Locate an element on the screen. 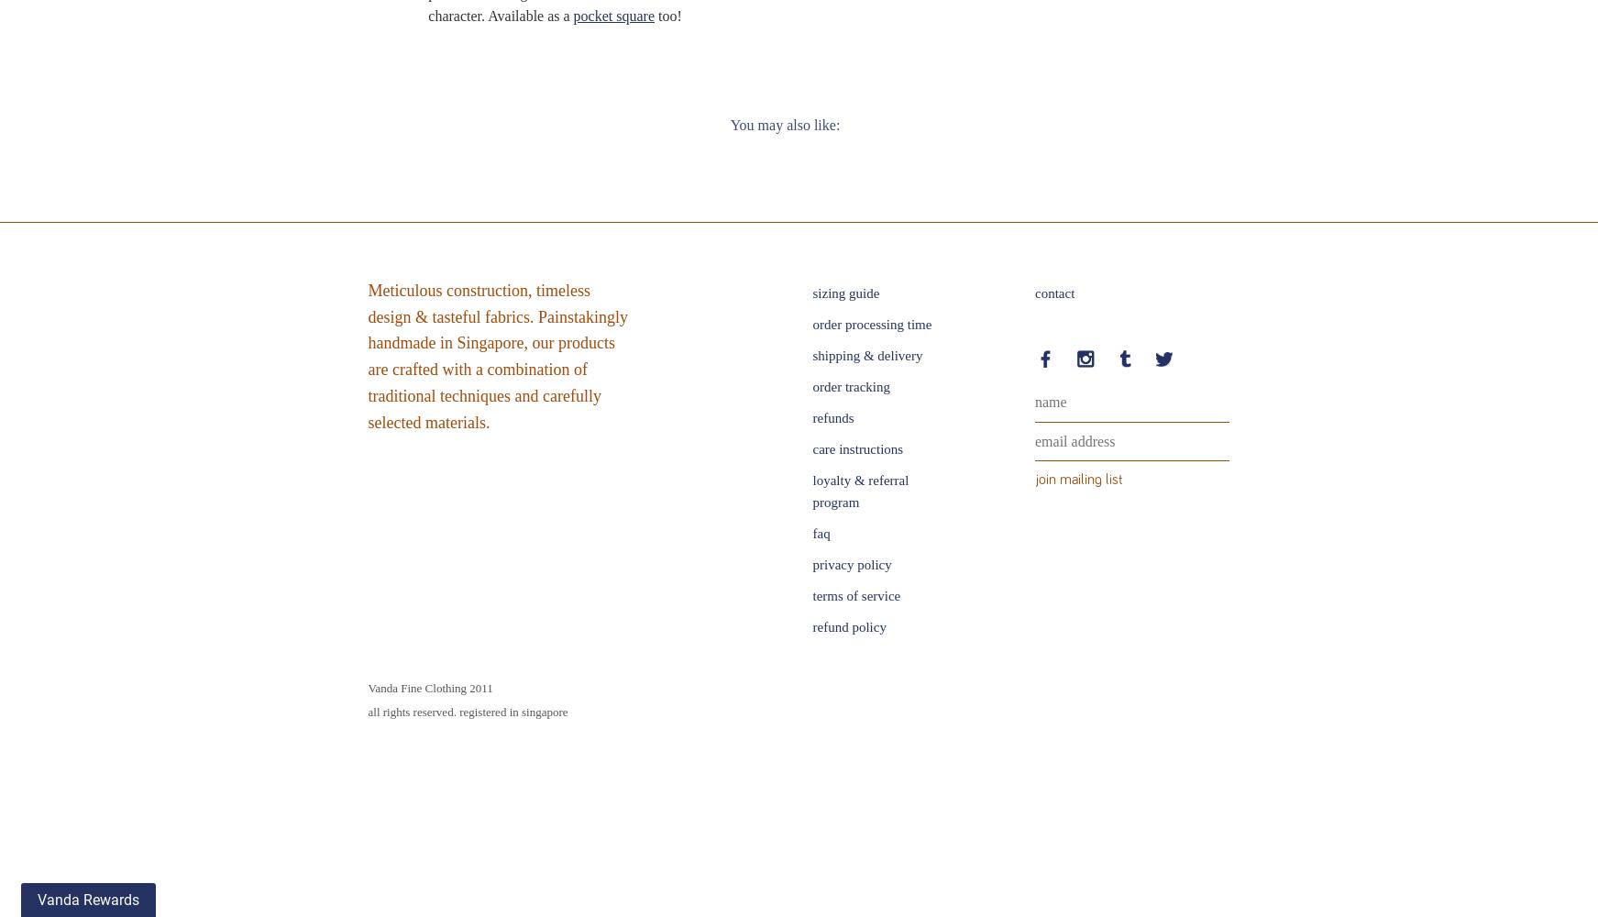 This screenshot has width=1598, height=917. 'all rights reserved. registered in singapore' is located at coordinates (368, 711).